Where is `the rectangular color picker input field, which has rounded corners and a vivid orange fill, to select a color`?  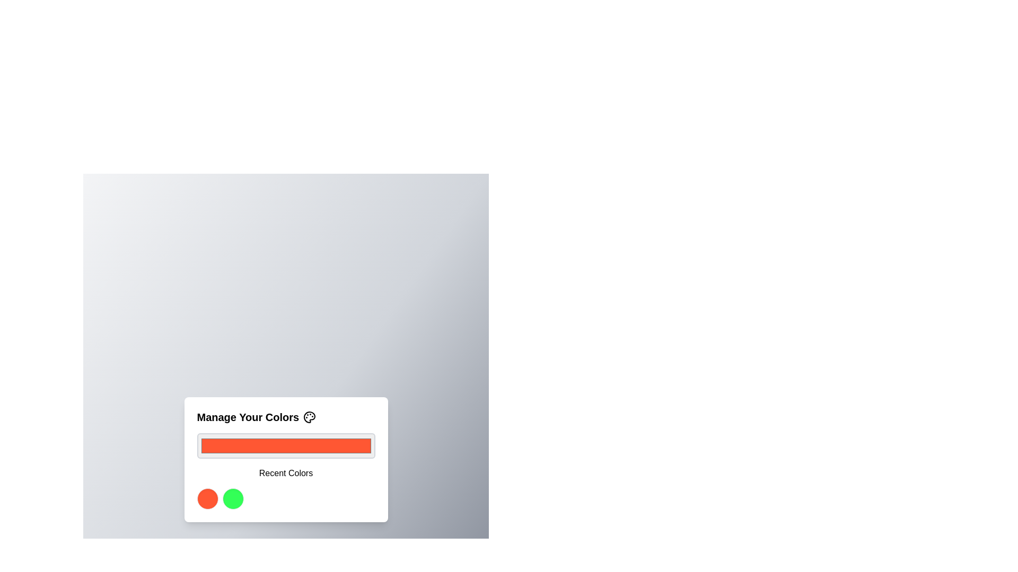
the rectangular color picker input field, which has rounded corners and a vivid orange fill, to select a color is located at coordinates (286, 445).